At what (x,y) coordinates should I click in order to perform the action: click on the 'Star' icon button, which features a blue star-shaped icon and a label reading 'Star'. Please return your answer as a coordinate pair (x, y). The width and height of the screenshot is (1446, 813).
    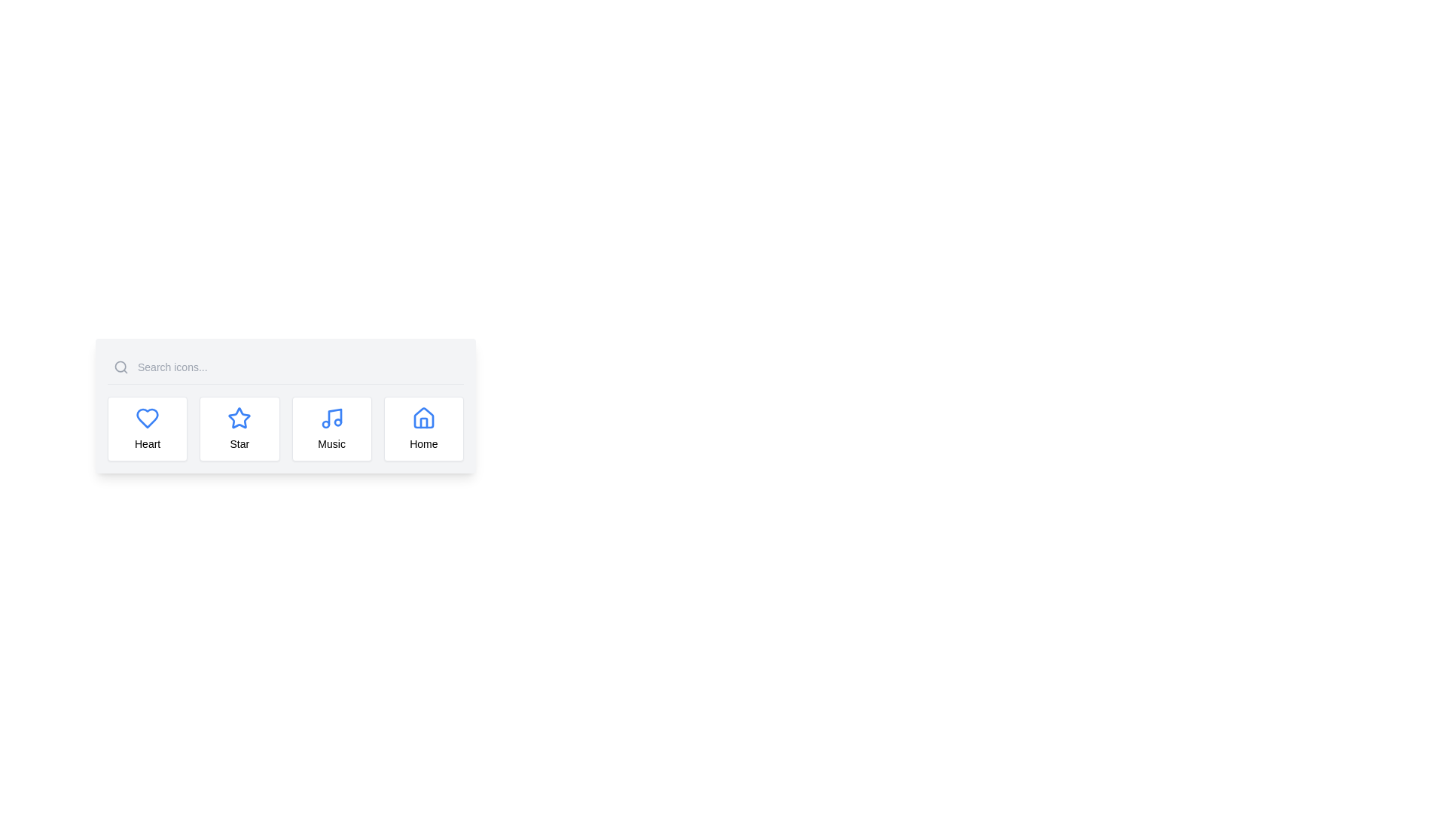
    Looking at the image, I should click on (239, 429).